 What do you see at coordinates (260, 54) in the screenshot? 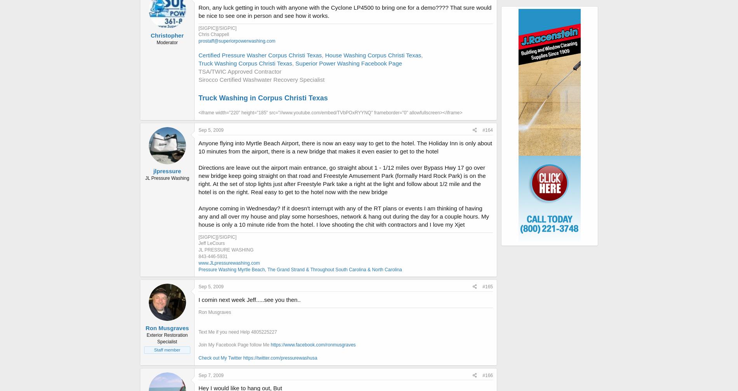
I see `'Certified Pressure Washer Corpus Christi Texas'` at bounding box center [260, 54].